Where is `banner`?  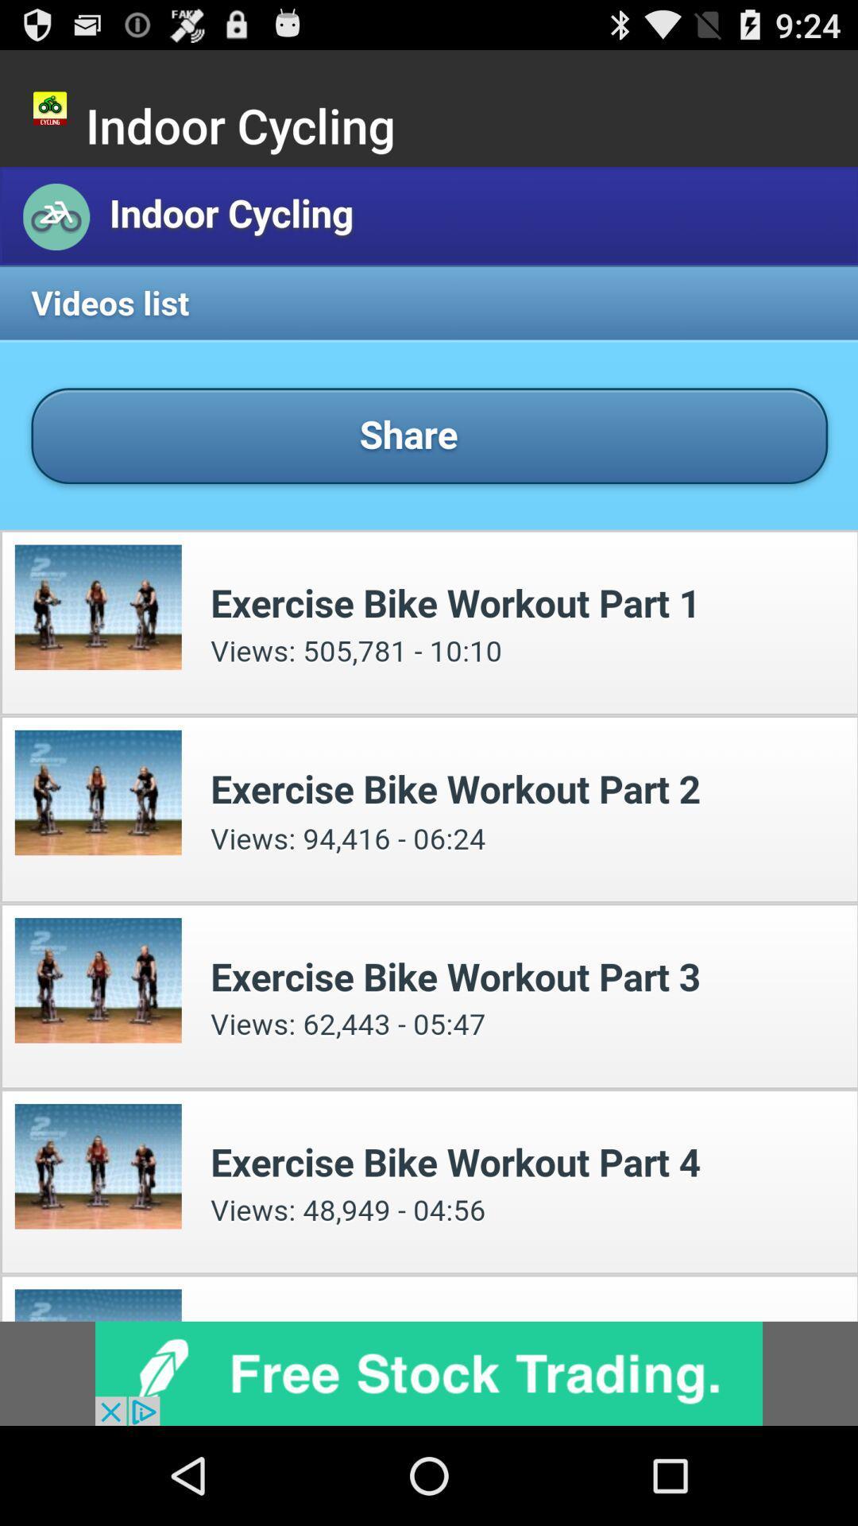 banner is located at coordinates (429, 1373).